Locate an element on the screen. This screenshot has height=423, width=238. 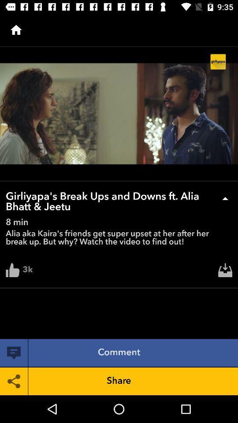
the icon next to 3k icon is located at coordinates (225, 272).